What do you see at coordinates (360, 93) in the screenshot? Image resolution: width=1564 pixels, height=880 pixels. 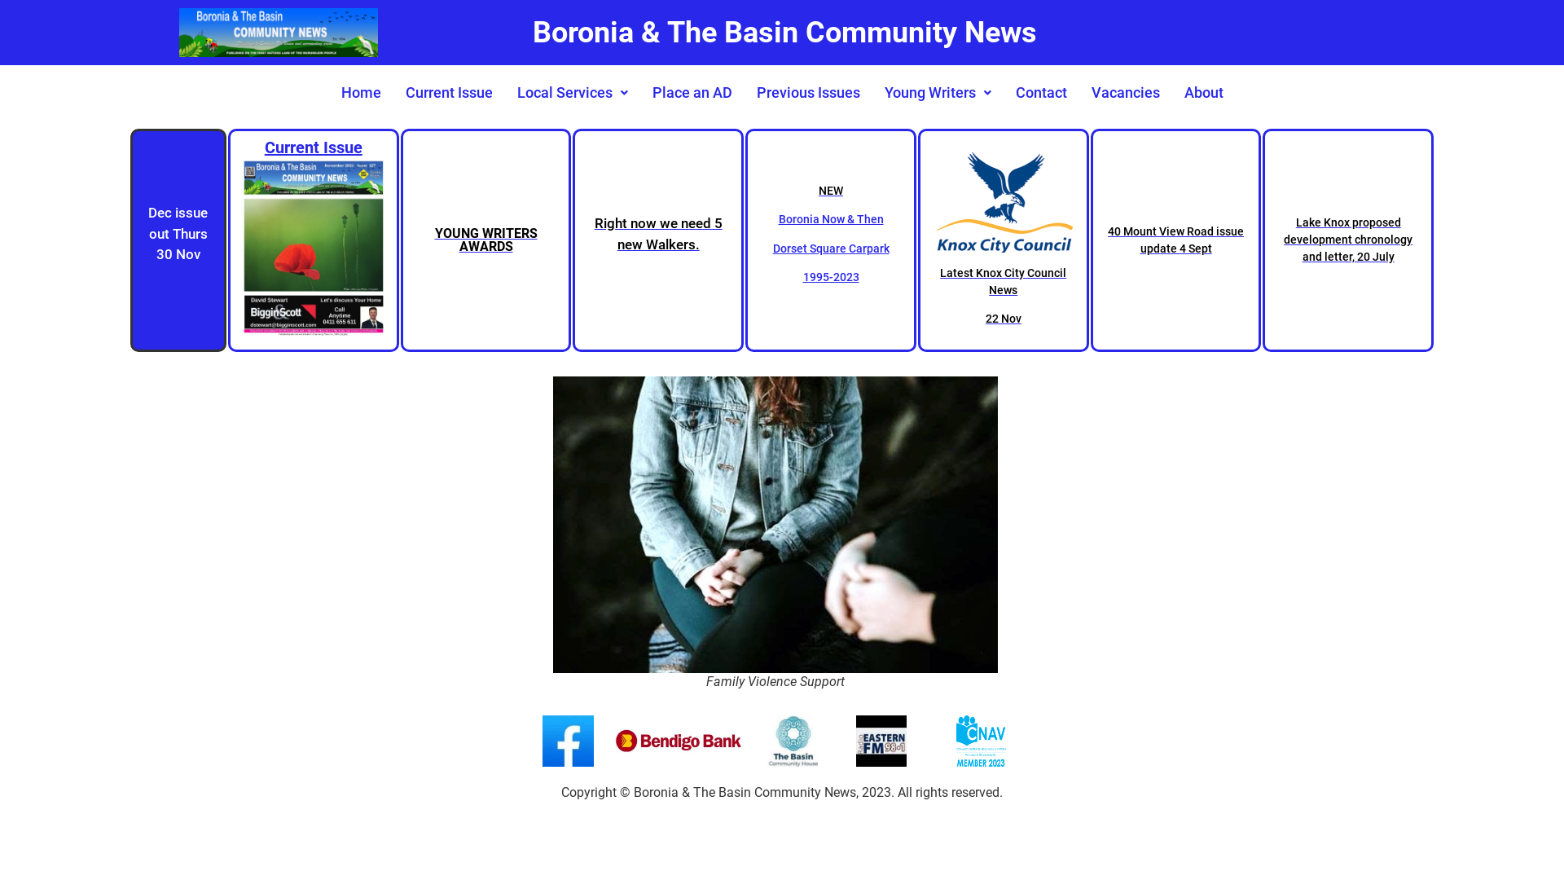 I see `'Home'` at bounding box center [360, 93].